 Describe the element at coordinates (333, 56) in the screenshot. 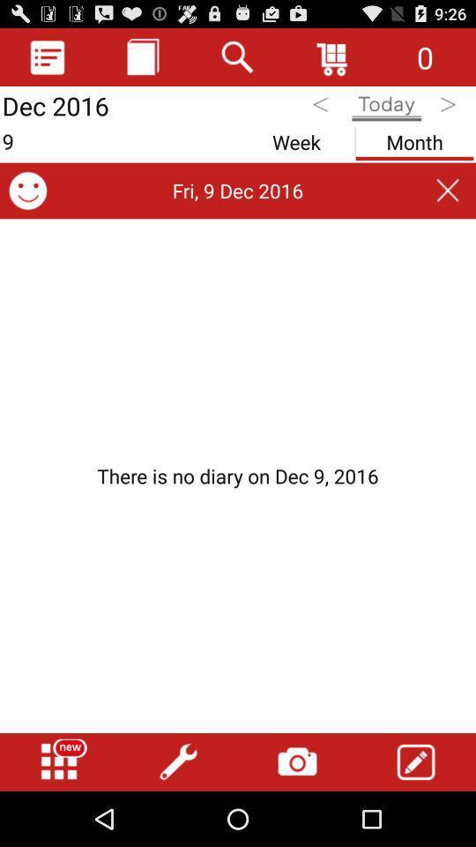

I see `app next to the 0` at that location.